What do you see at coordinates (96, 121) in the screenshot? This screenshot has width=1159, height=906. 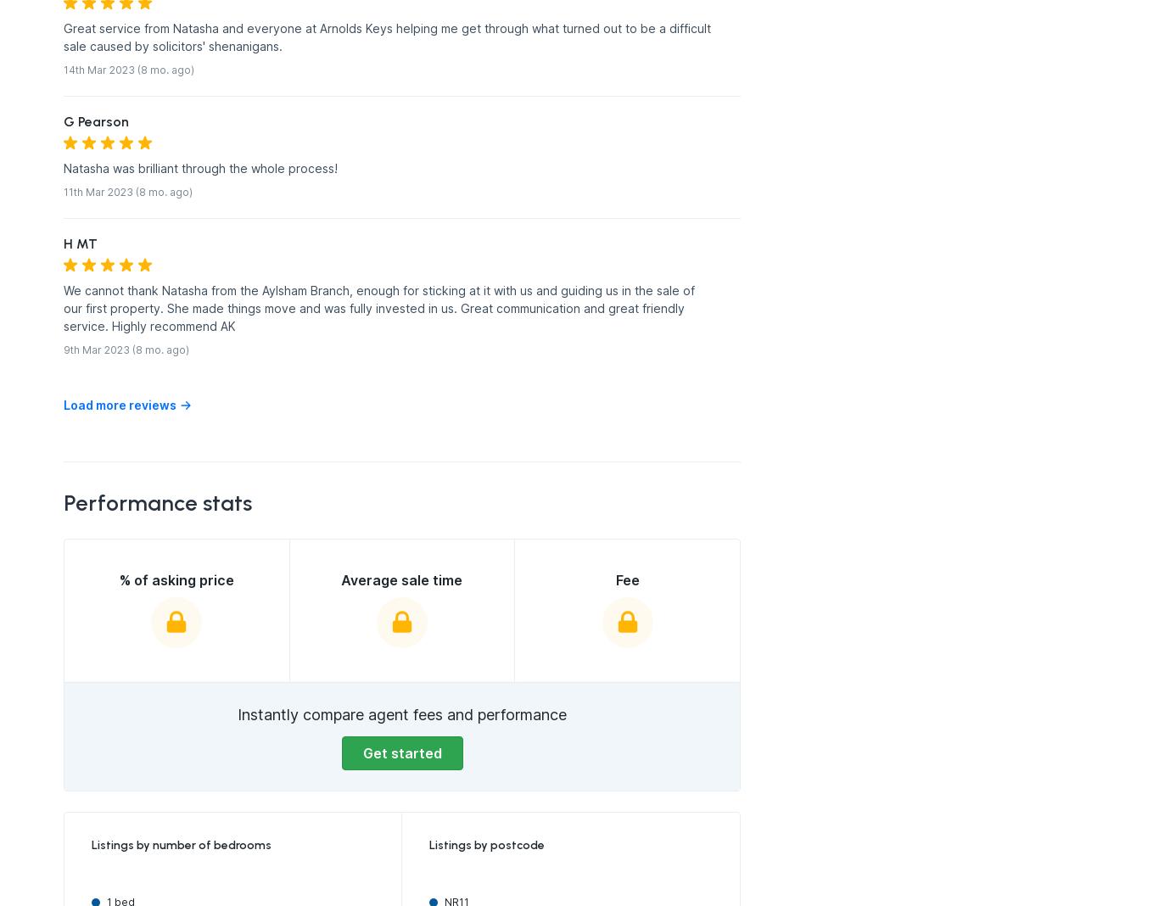 I see `'G Pearson'` at bounding box center [96, 121].